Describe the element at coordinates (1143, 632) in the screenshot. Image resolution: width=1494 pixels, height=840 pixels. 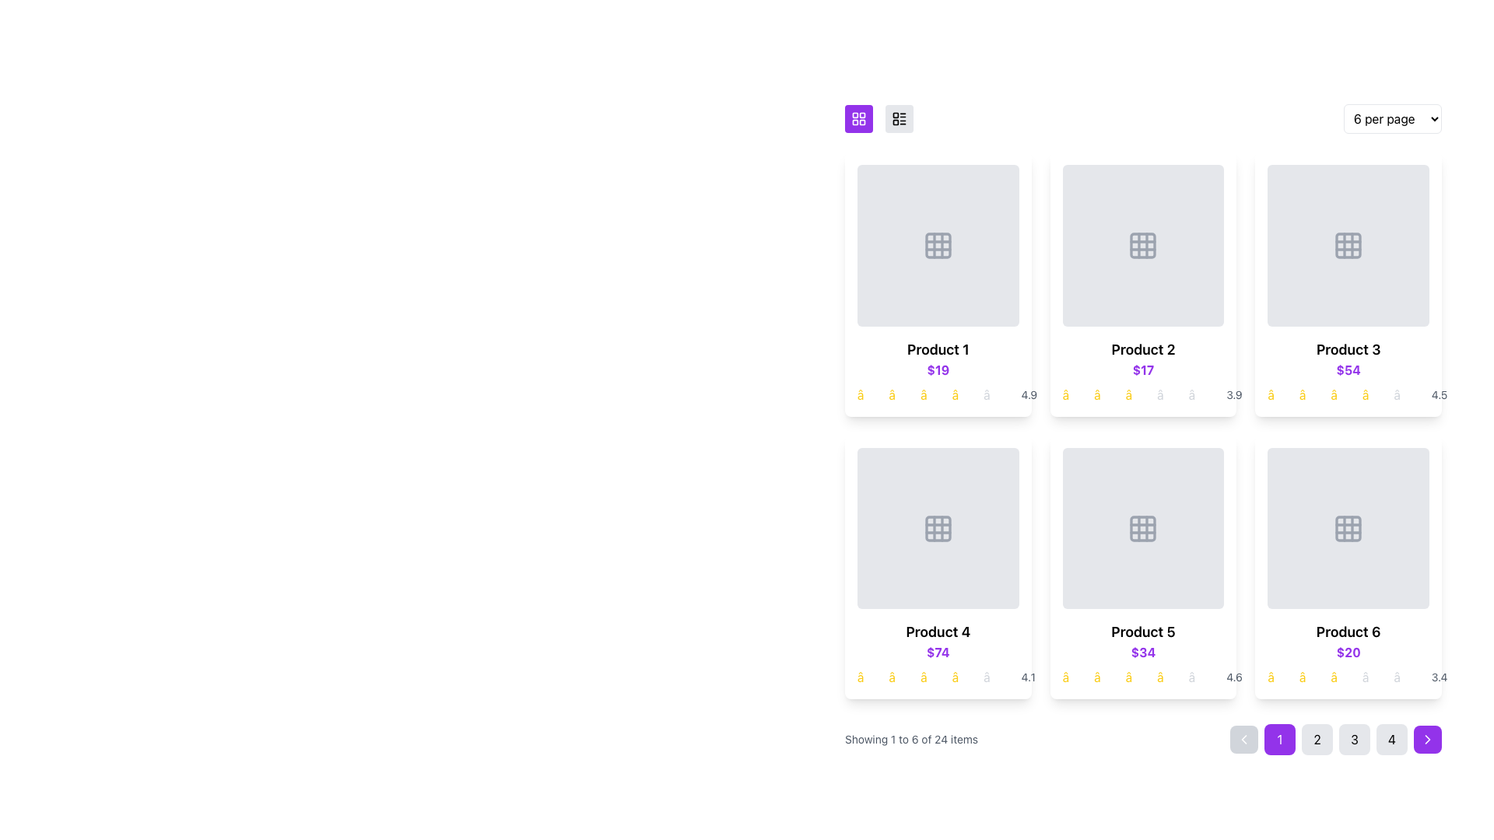
I see `assistive technology` at that location.